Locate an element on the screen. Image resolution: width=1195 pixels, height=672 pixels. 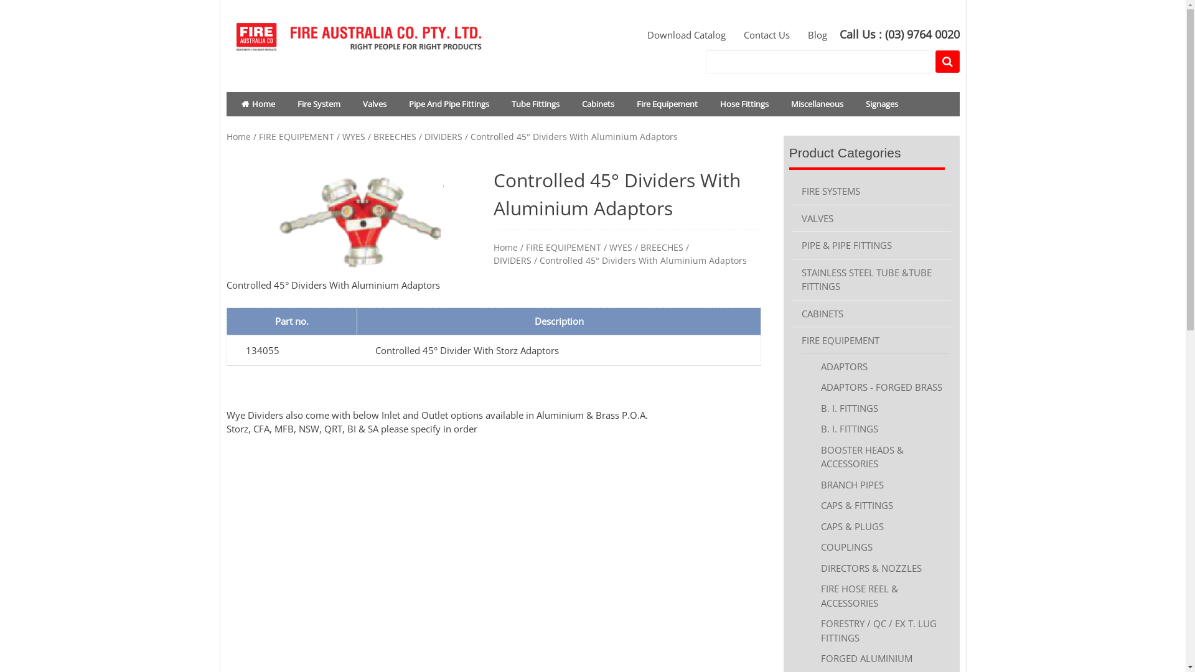
'FIRE EQUIPEMENT' is located at coordinates (563, 247).